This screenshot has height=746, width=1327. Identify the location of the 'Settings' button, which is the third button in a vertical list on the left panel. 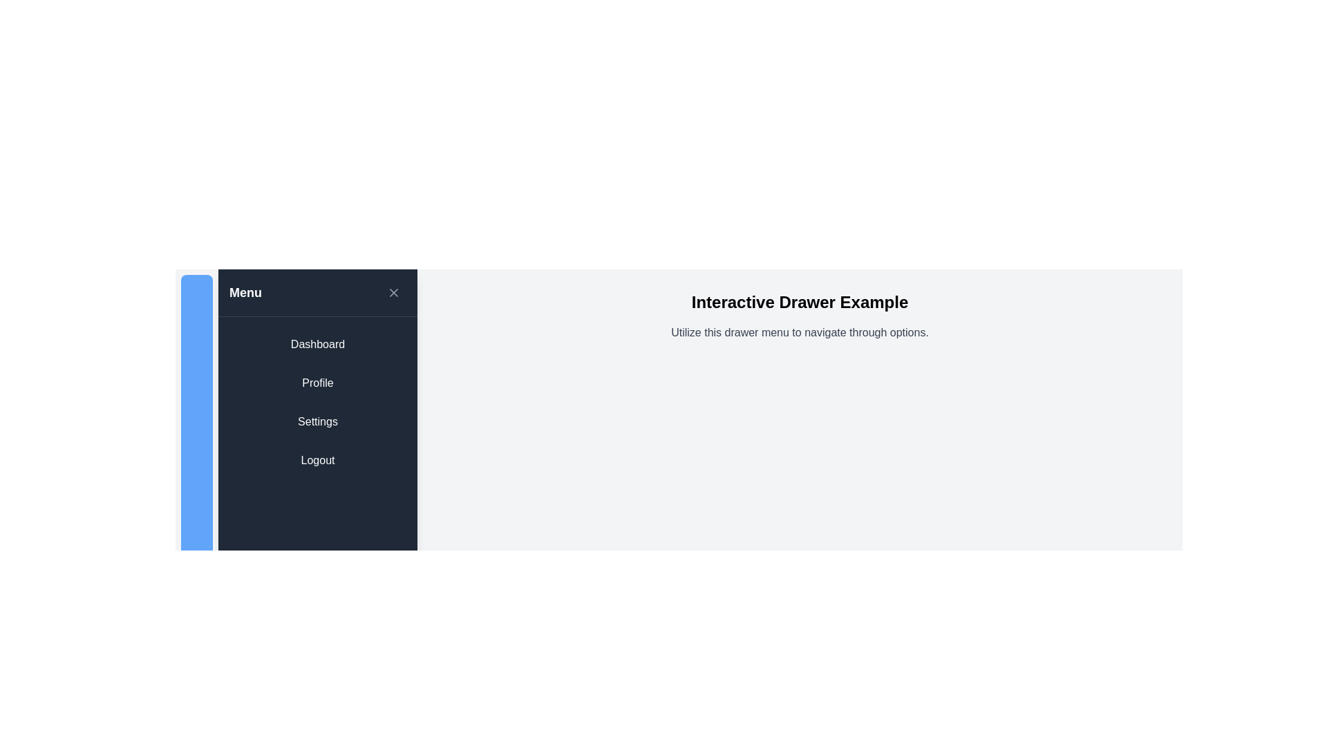
(317, 421).